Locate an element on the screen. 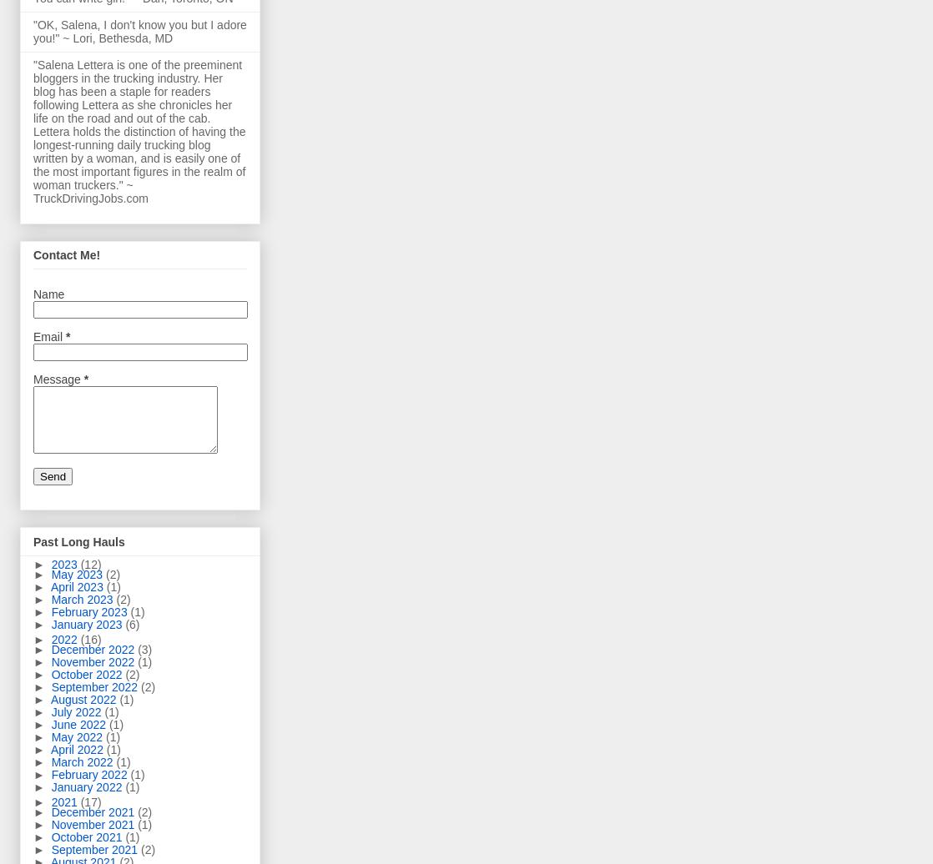  '(16)' is located at coordinates (90, 639).